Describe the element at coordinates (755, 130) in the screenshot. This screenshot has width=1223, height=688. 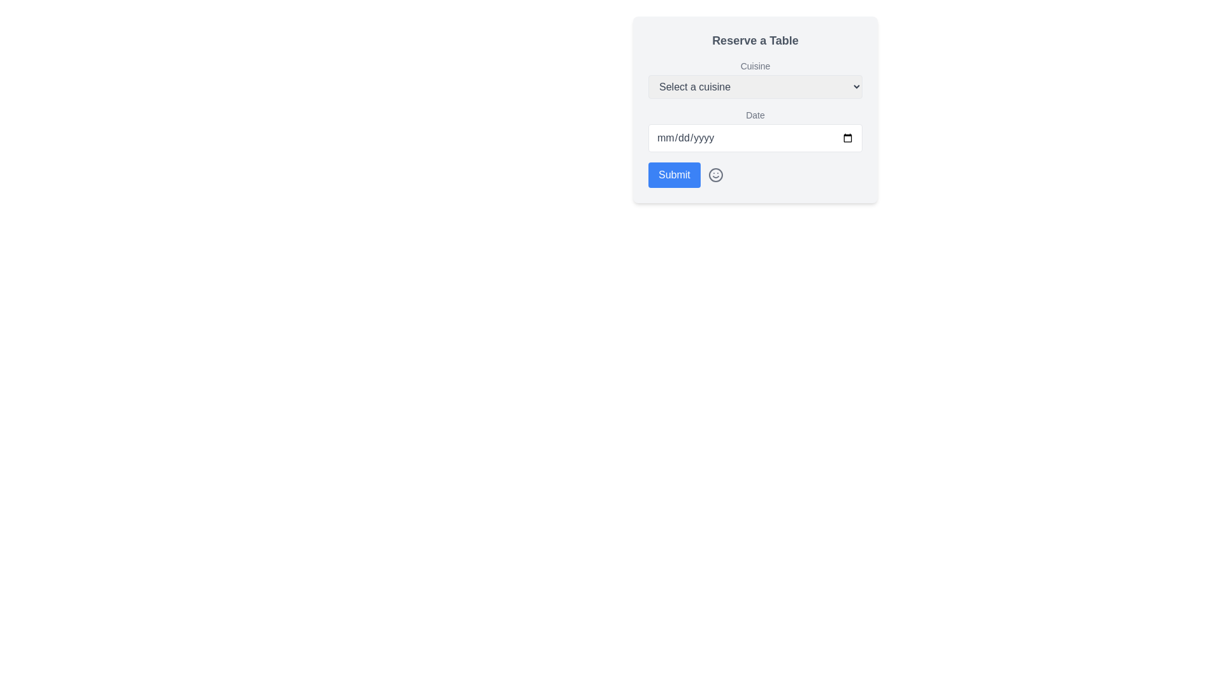
I see `the Date Input Field labeled 'Date' in the 'Reserve a Table' form to focus the input` at that location.